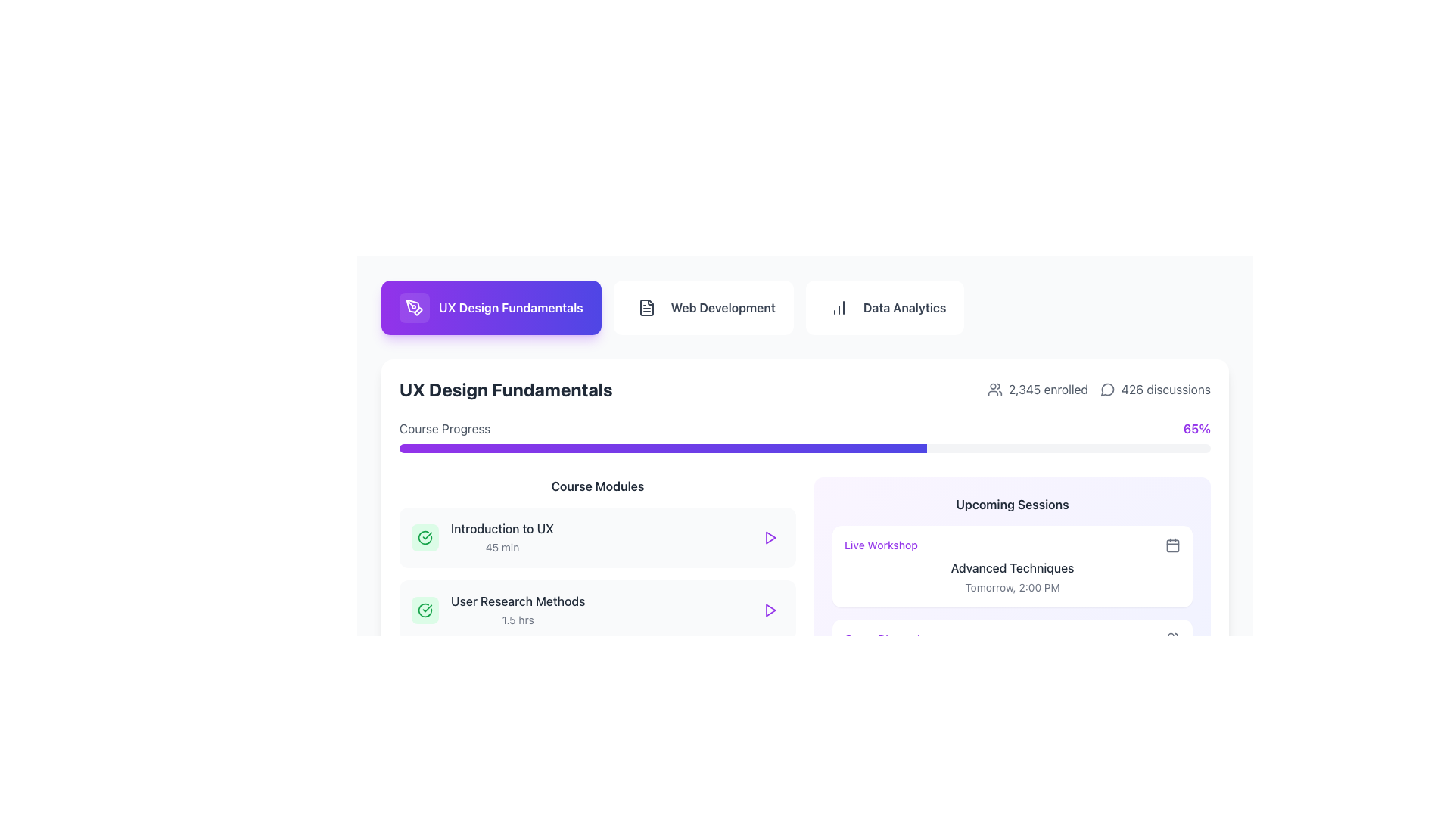 The width and height of the screenshot is (1453, 817). Describe the element at coordinates (838, 307) in the screenshot. I see `the data analytics icon located centrally within a group of three similar icons` at that location.